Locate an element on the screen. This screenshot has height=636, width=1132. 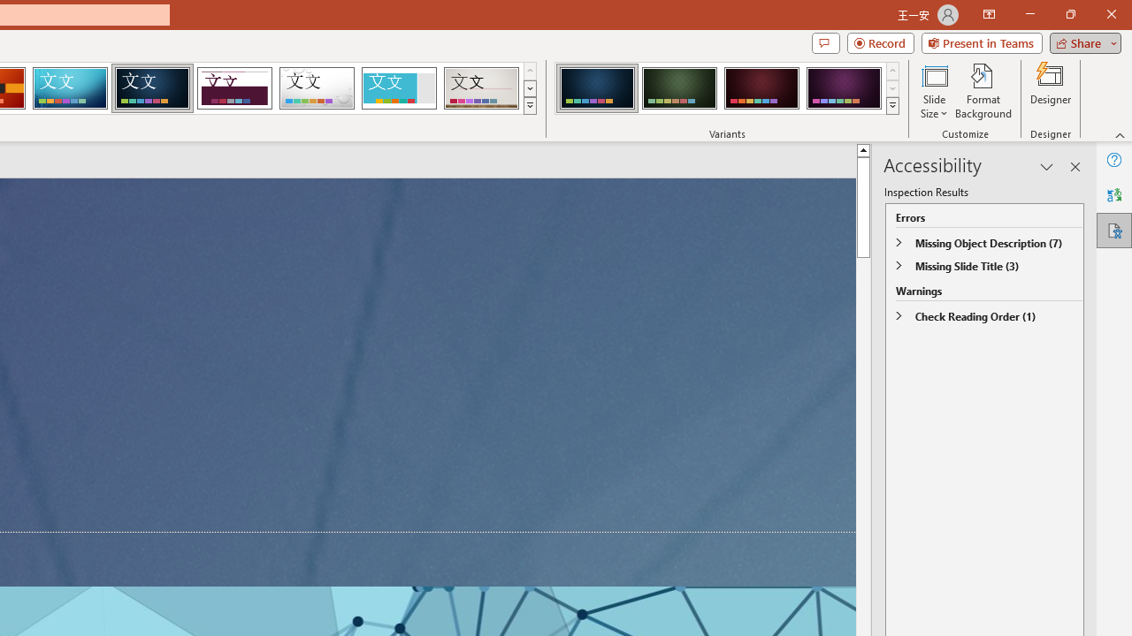
'Themes' is located at coordinates (529, 106).